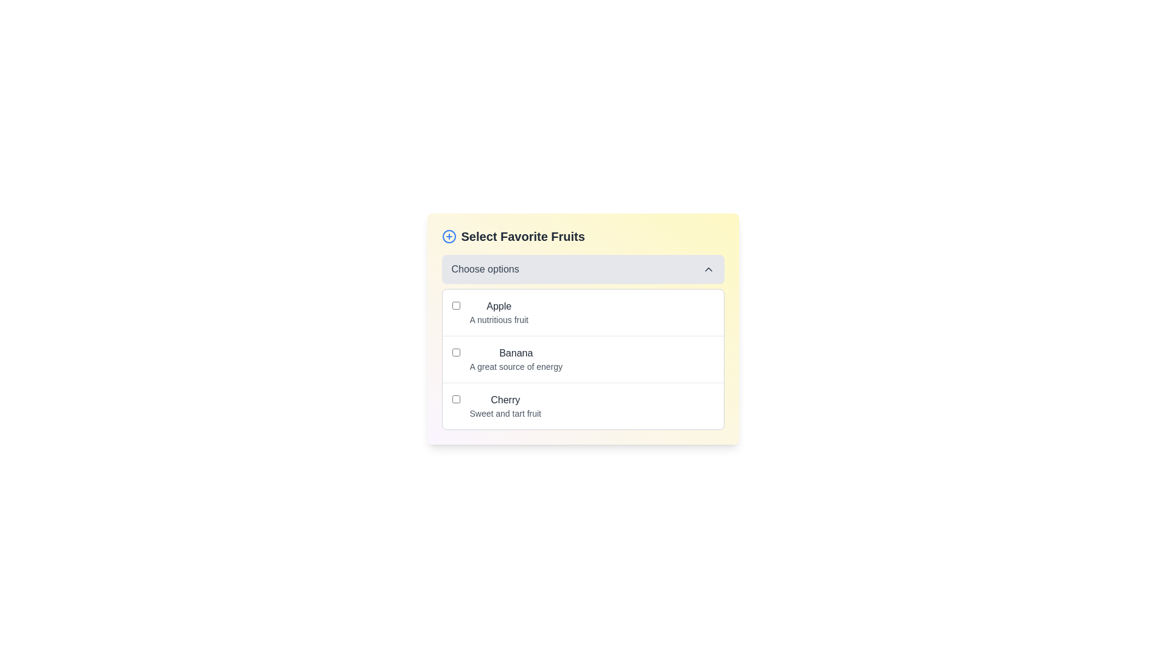  What do you see at coordinates (523, 237) in the screenshot?
I see `the bold, dark gray text label that reads 'Select Favorite Fruits', which is prominently positioned at the top of a form-like section` at bounding box center [523, 237].